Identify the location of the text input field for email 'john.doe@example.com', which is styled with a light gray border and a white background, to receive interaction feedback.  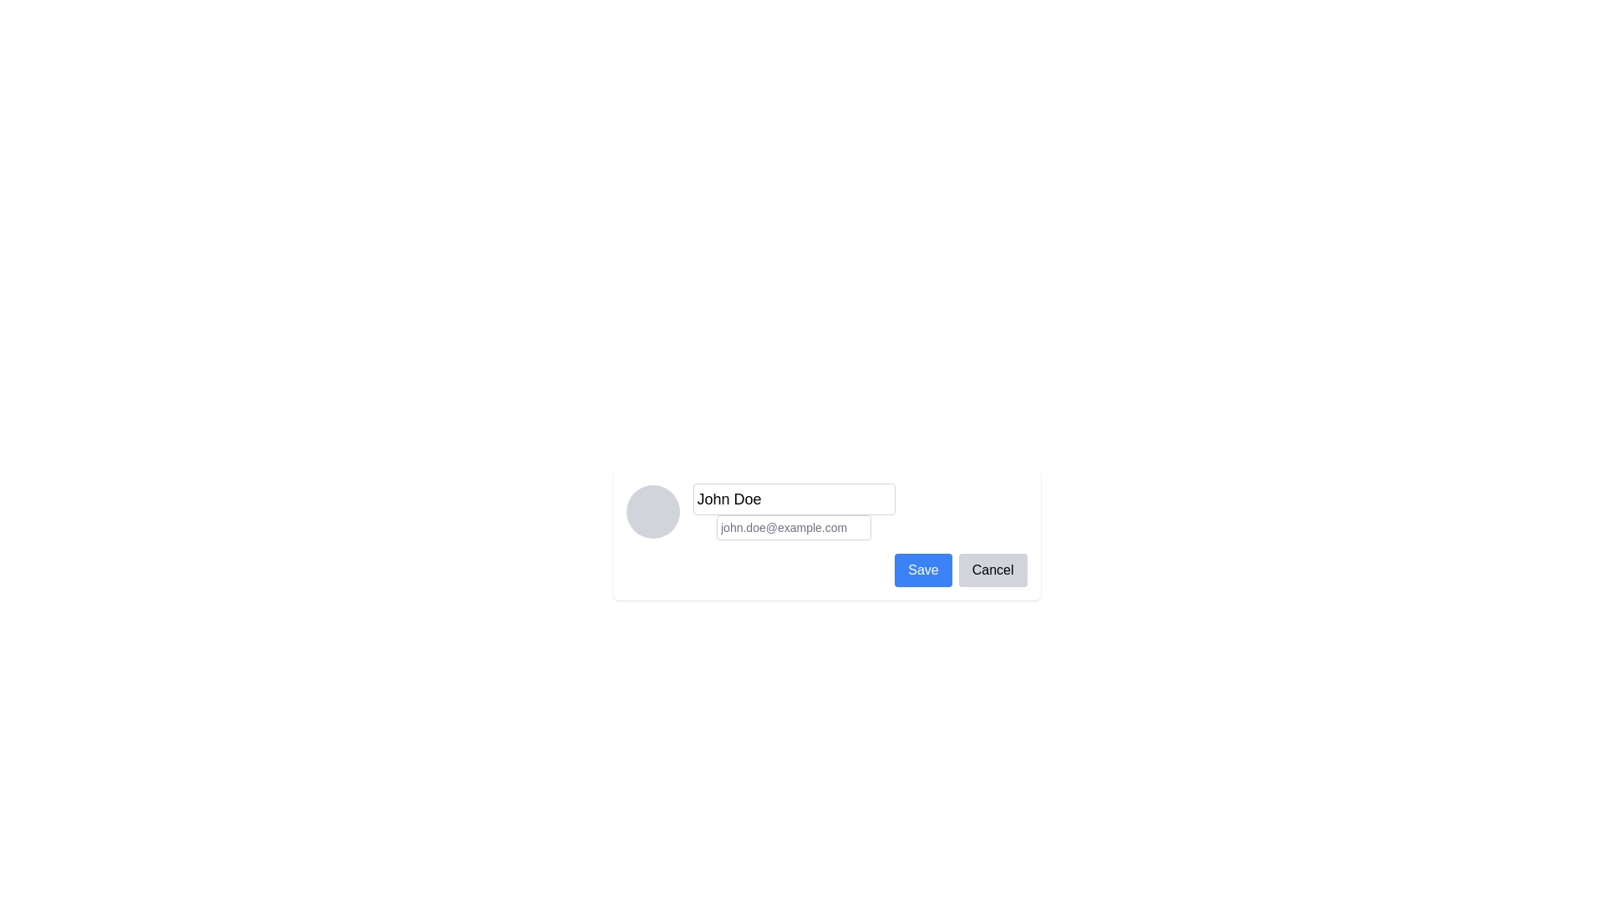
(793, 528).